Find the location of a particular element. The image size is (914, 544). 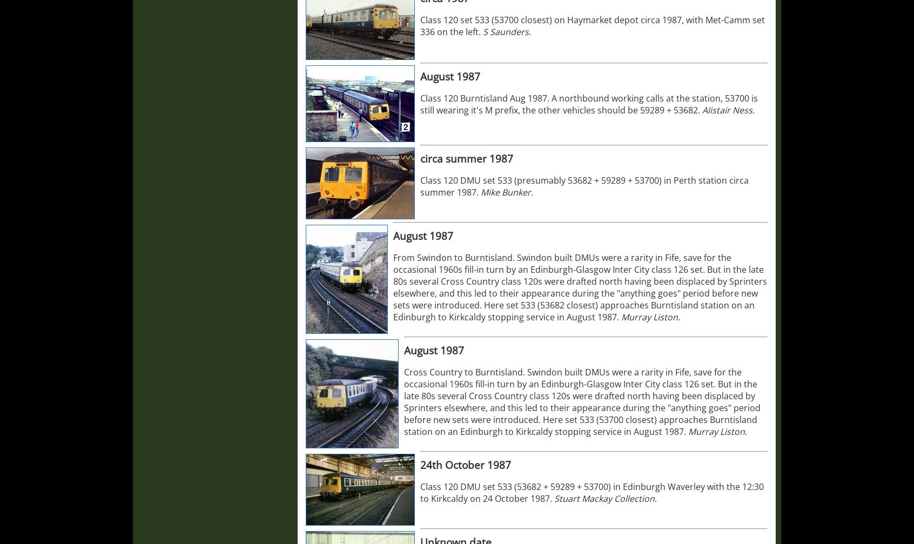

'Stuart Mackay Collection' is located at coordinates (604, 498).